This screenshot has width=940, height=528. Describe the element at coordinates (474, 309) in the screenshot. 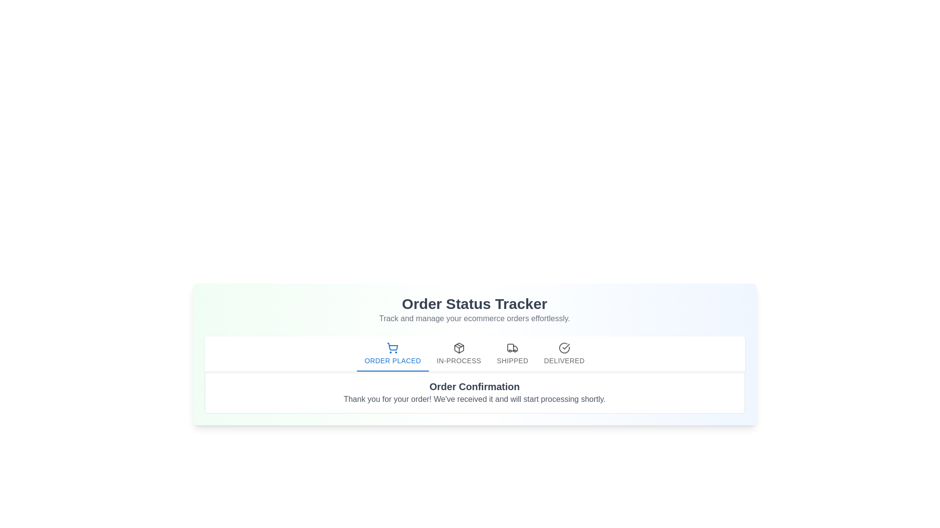

I see `the text block containing the header 'Order Status Tracker' and subheader 'Track and manage your ecommerce orders effortlessly.'` at that location.